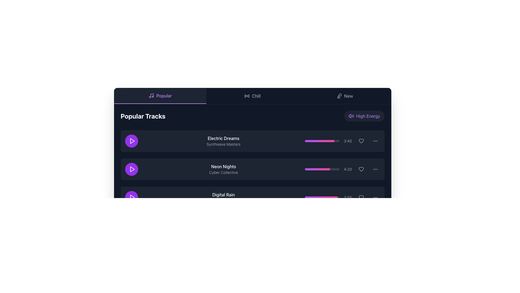 The height and width of the screenshot is (293, 520). Describe the element at coordinates (361, 169) in the screenshot. I see `the heart icon associated with the 'Neon Nights' track` at that location.